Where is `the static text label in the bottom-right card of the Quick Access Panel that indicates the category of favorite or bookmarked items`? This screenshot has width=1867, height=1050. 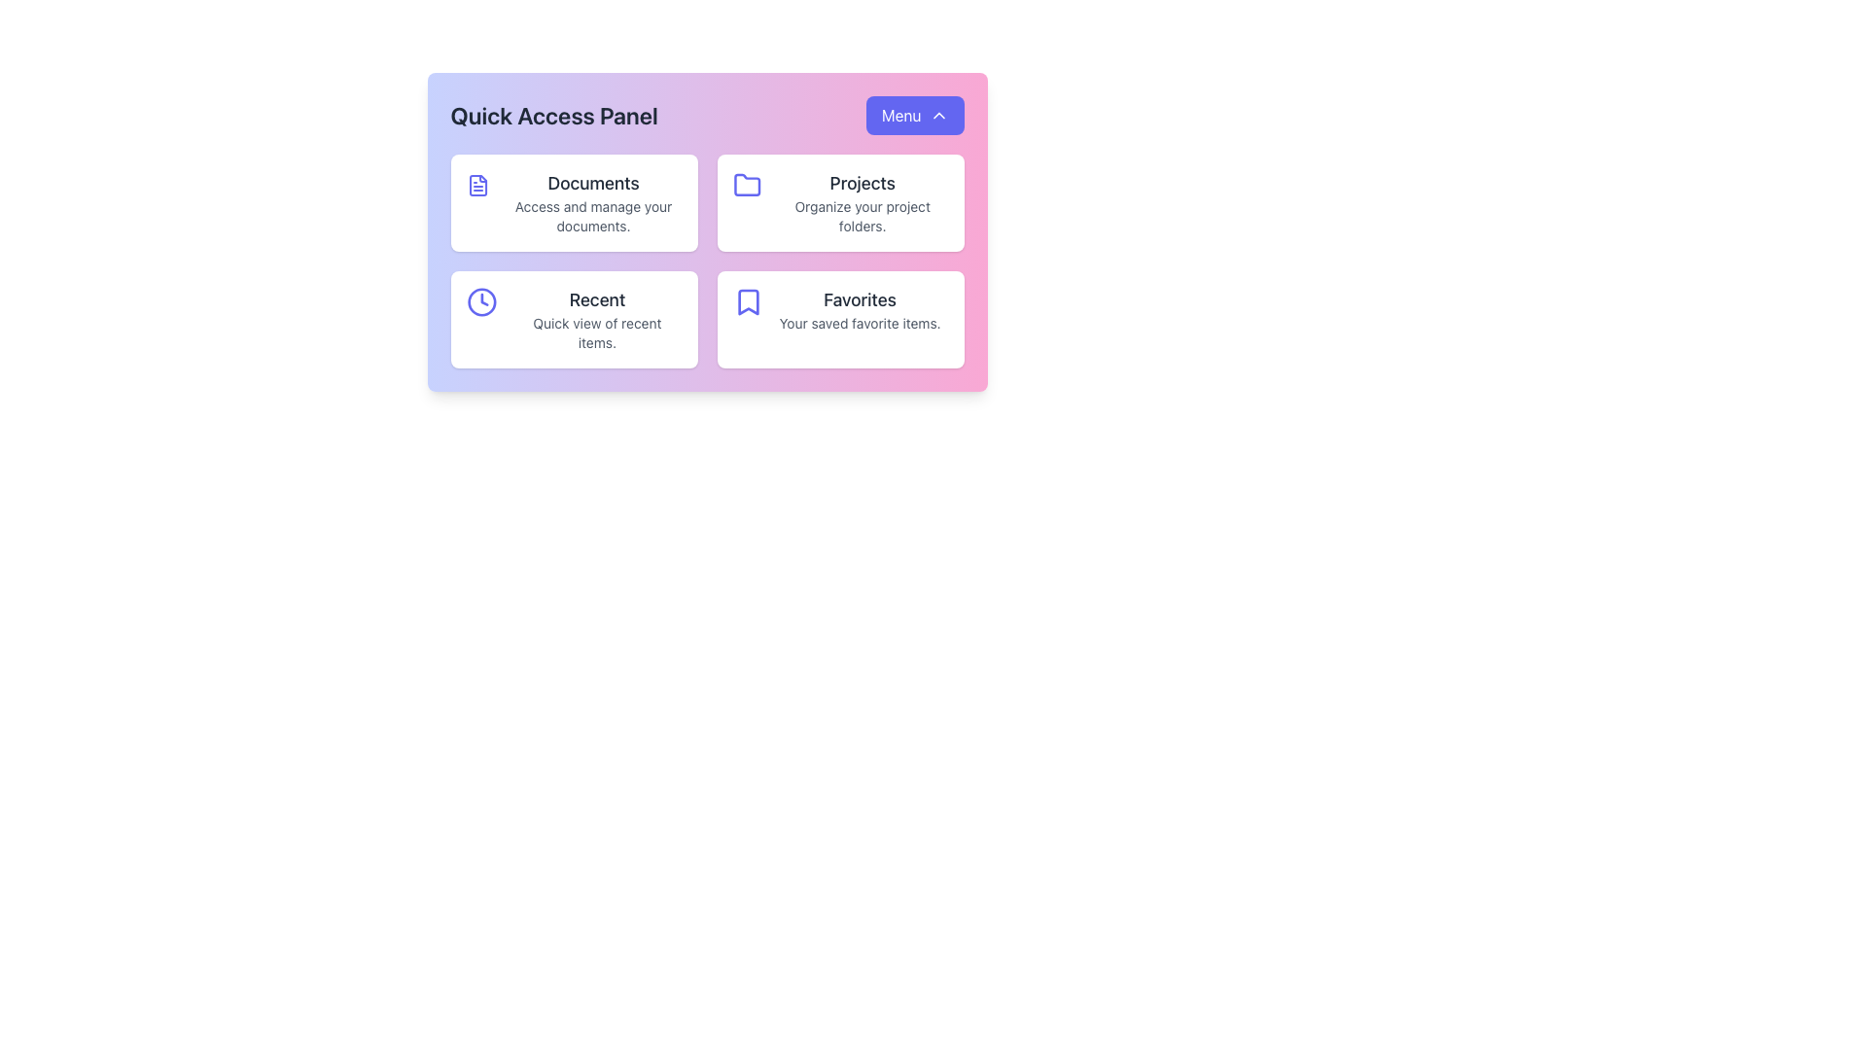
the static text label in the bottom-right card of the Quick Access Panel that indicates the category of favorite or bookmarked items is located at coordinates (859, 299).